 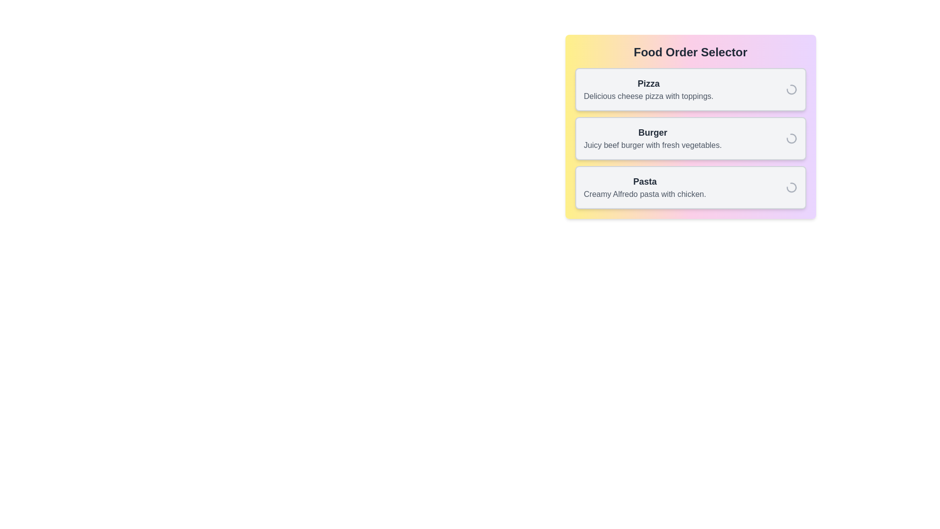 What do you see at coordinates (690, 89) in the screenshot?
I see `the food item Pizza` at bounding box center [690, 89].